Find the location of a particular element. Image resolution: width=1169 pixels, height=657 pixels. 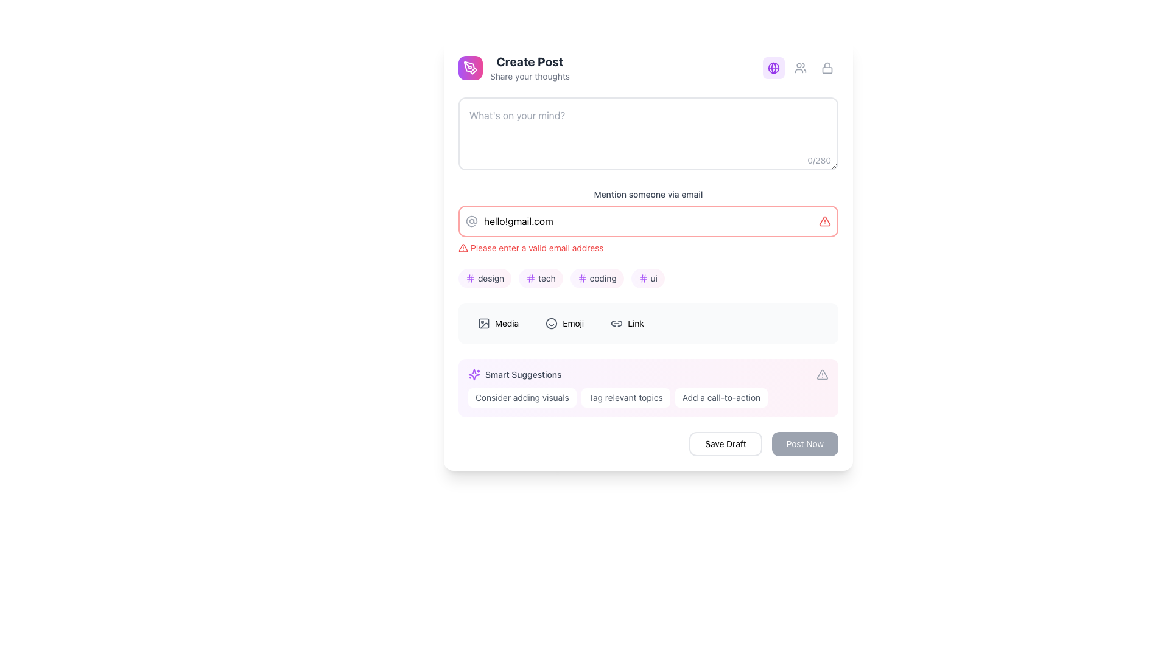

the 'Media' button, which is the first button in a horizontal row, consisting of a gray image frame icon and black text is located at coordinates (498, 323).